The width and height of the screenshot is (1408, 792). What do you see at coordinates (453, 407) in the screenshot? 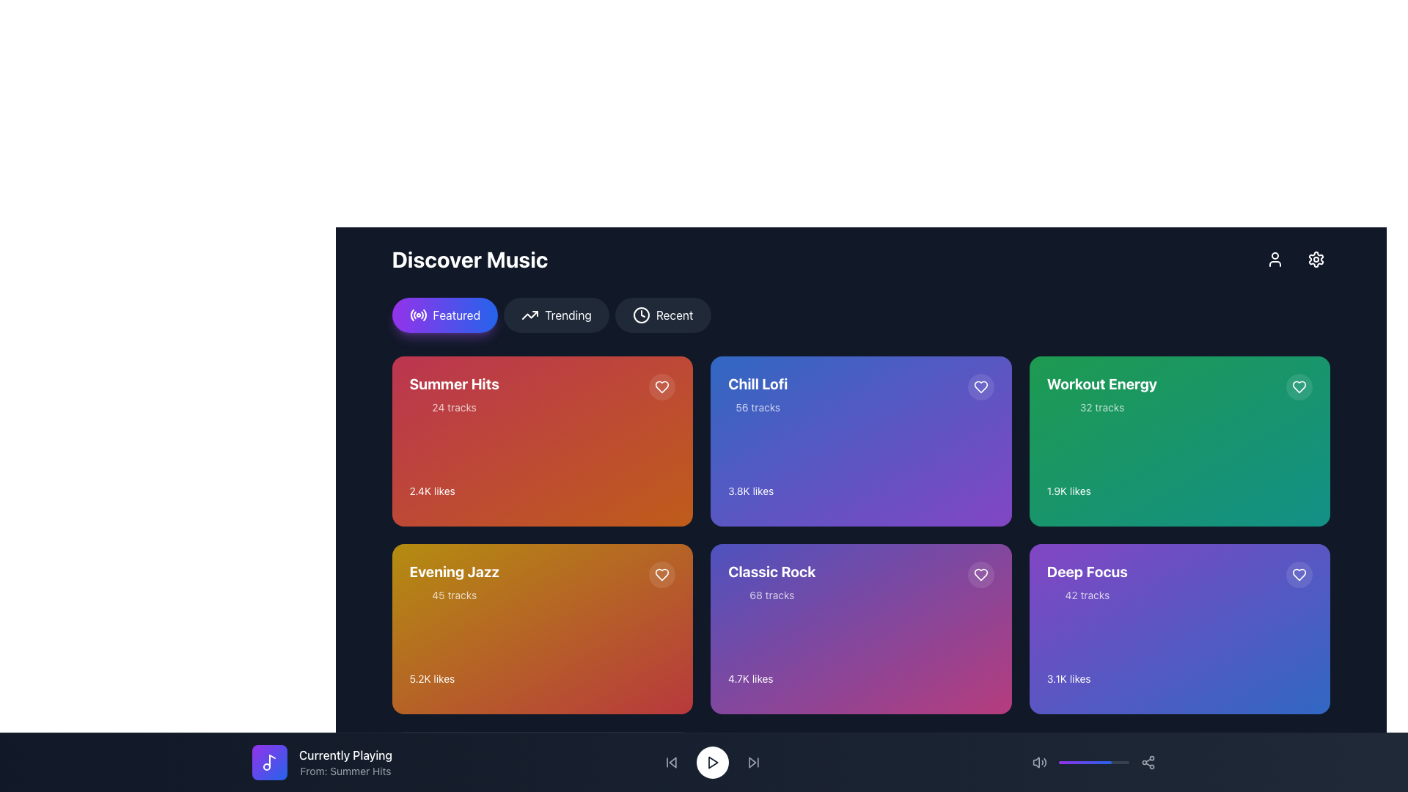
I see `the static text label displaying '24 tracks', which is located within the red-orange card labeled 'Summer Hits', positioned directly below the title and centrally aligned` at bounding box center [453, 407].